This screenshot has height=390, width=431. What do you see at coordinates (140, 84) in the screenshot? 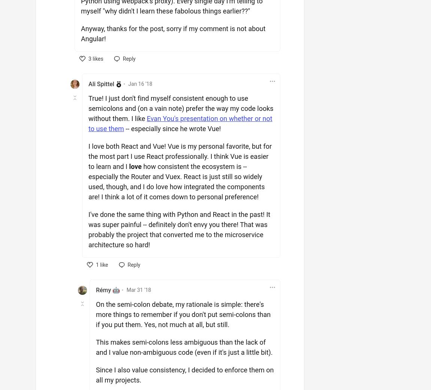
I see `'Jan 16 '18'` at bounding box center [140, 84].